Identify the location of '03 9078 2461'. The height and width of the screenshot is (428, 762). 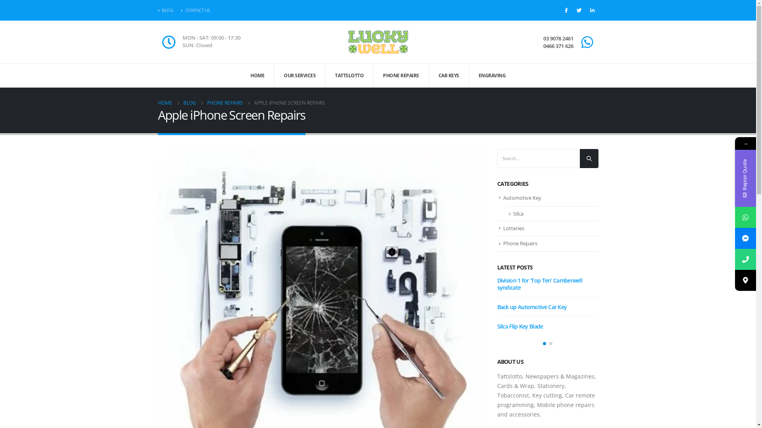
(543, 38).